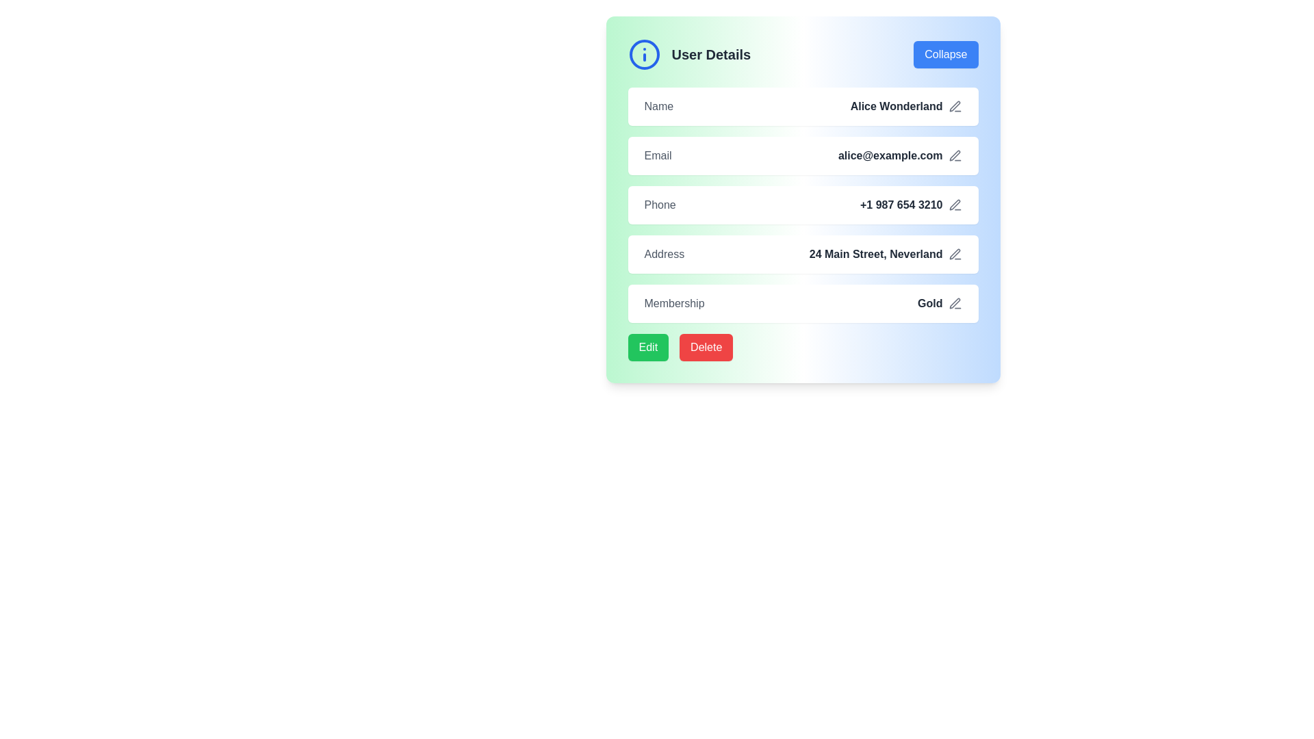 Image resolution: width=1314 pixels, height=739 pixels. What do you see at coordinates (803, 254) in the screenshot?
I see `the edit icon associated with the address '24 Main Street, Neverland' in the fourth row of the user profile section` at bounding box center [803, 254].